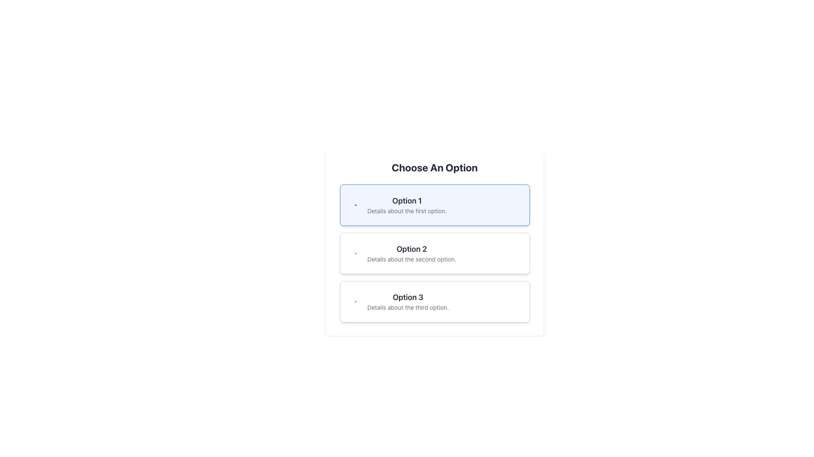 Image resolution: width=814 pixels, height=457 pixels. What do you see at coordinates (412, 249) in the screenshot?
I see `title label for the second option in the vertical menu layout, which is positioned above the descriptive text 'Details about the second option.'` at bounding box center [412, 249].